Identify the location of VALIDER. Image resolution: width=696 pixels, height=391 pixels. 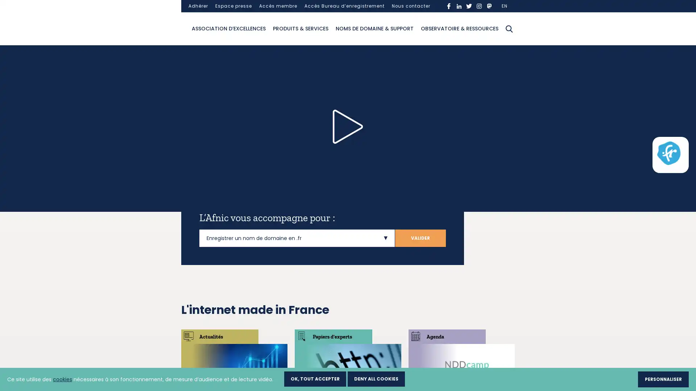
(420, 238).